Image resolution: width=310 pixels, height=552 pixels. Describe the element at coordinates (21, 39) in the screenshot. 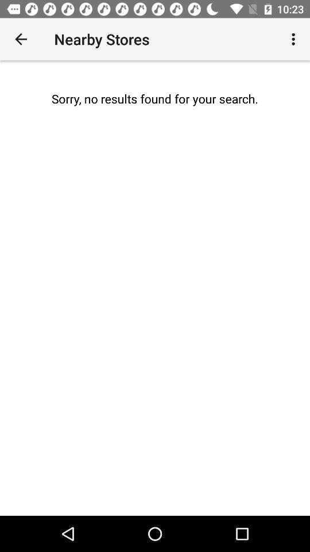

I see `icon to the left of nearby stores item` at that location.